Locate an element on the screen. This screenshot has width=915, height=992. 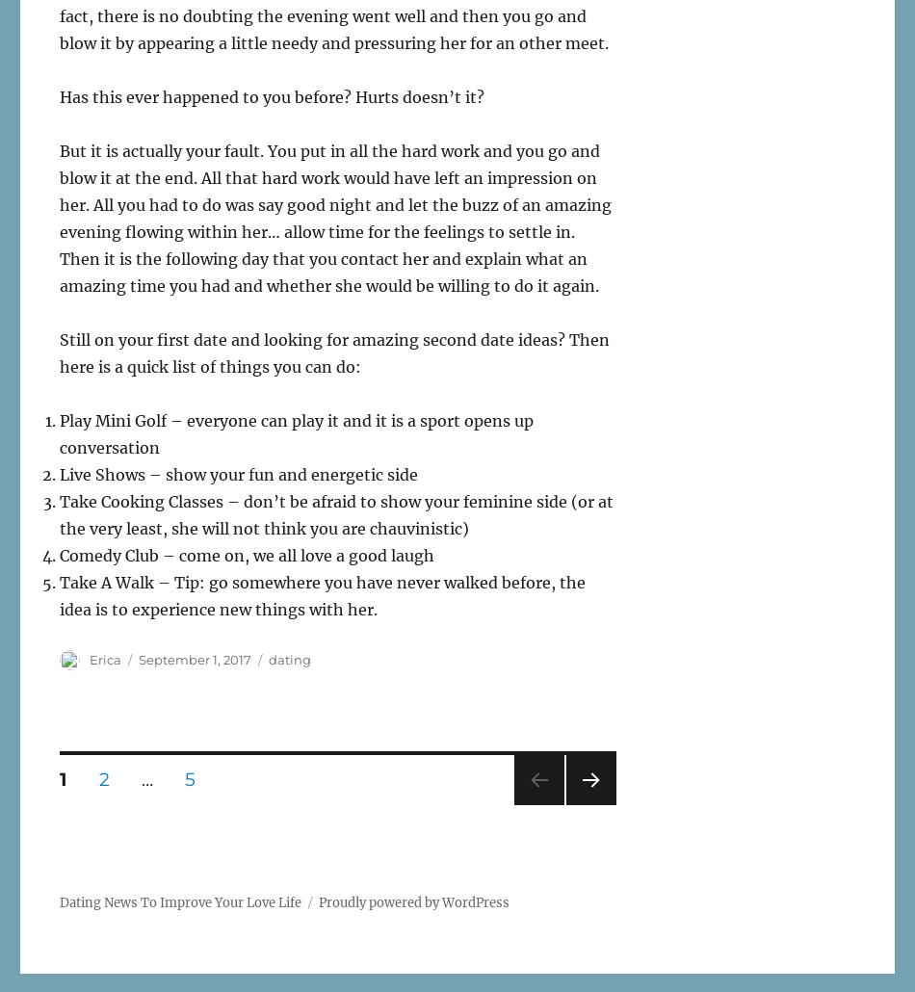
'Live Shows – show your fun and energetic side' is located at coordinates (238, 473).